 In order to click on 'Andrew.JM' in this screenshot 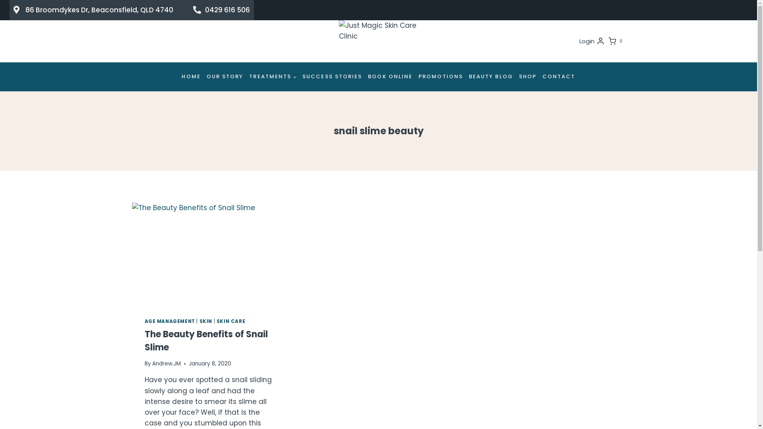, I will do `click(166, 363)`.